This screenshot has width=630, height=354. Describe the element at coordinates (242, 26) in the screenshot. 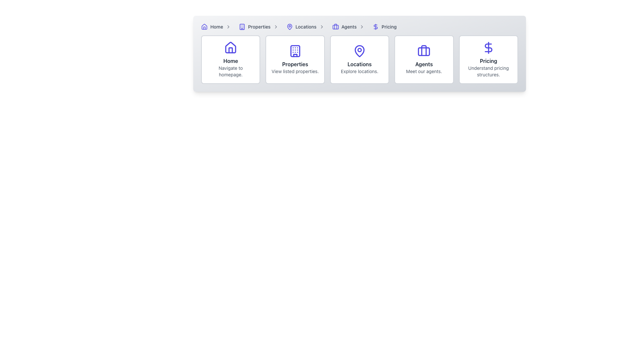

I see `the building icon representing properties in the breadcrumb navigation, which is located next to the 'Properties' text label` at that location.